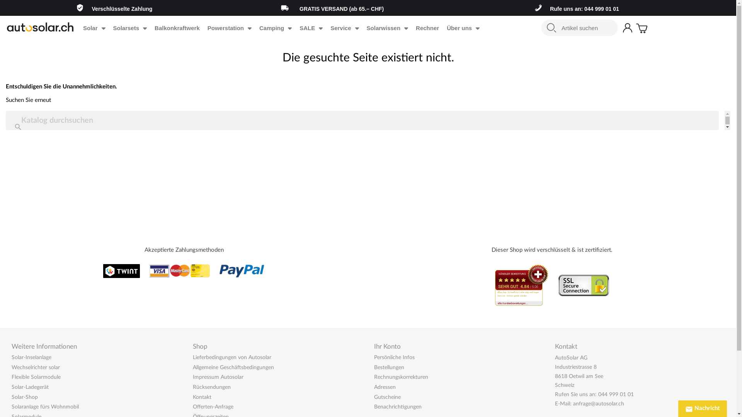  Describe the element at coordinates (385, 387) in the screenshot. I see `'Adressen'` at that location.